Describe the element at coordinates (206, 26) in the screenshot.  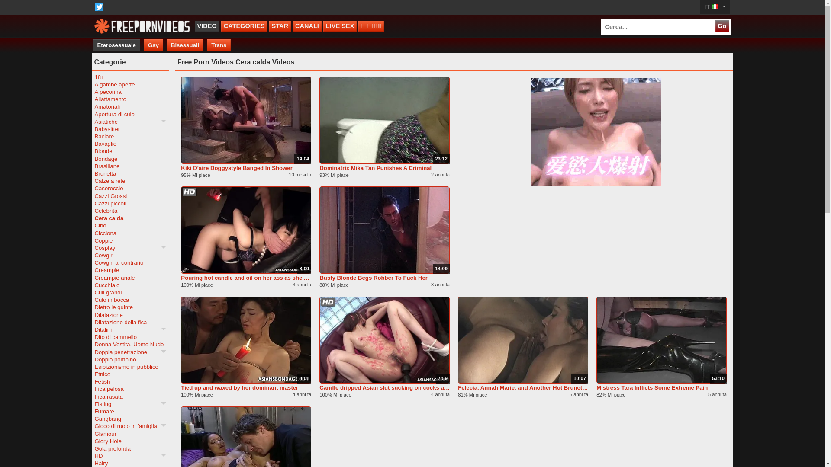
I see `'VIDEO'` at that location.